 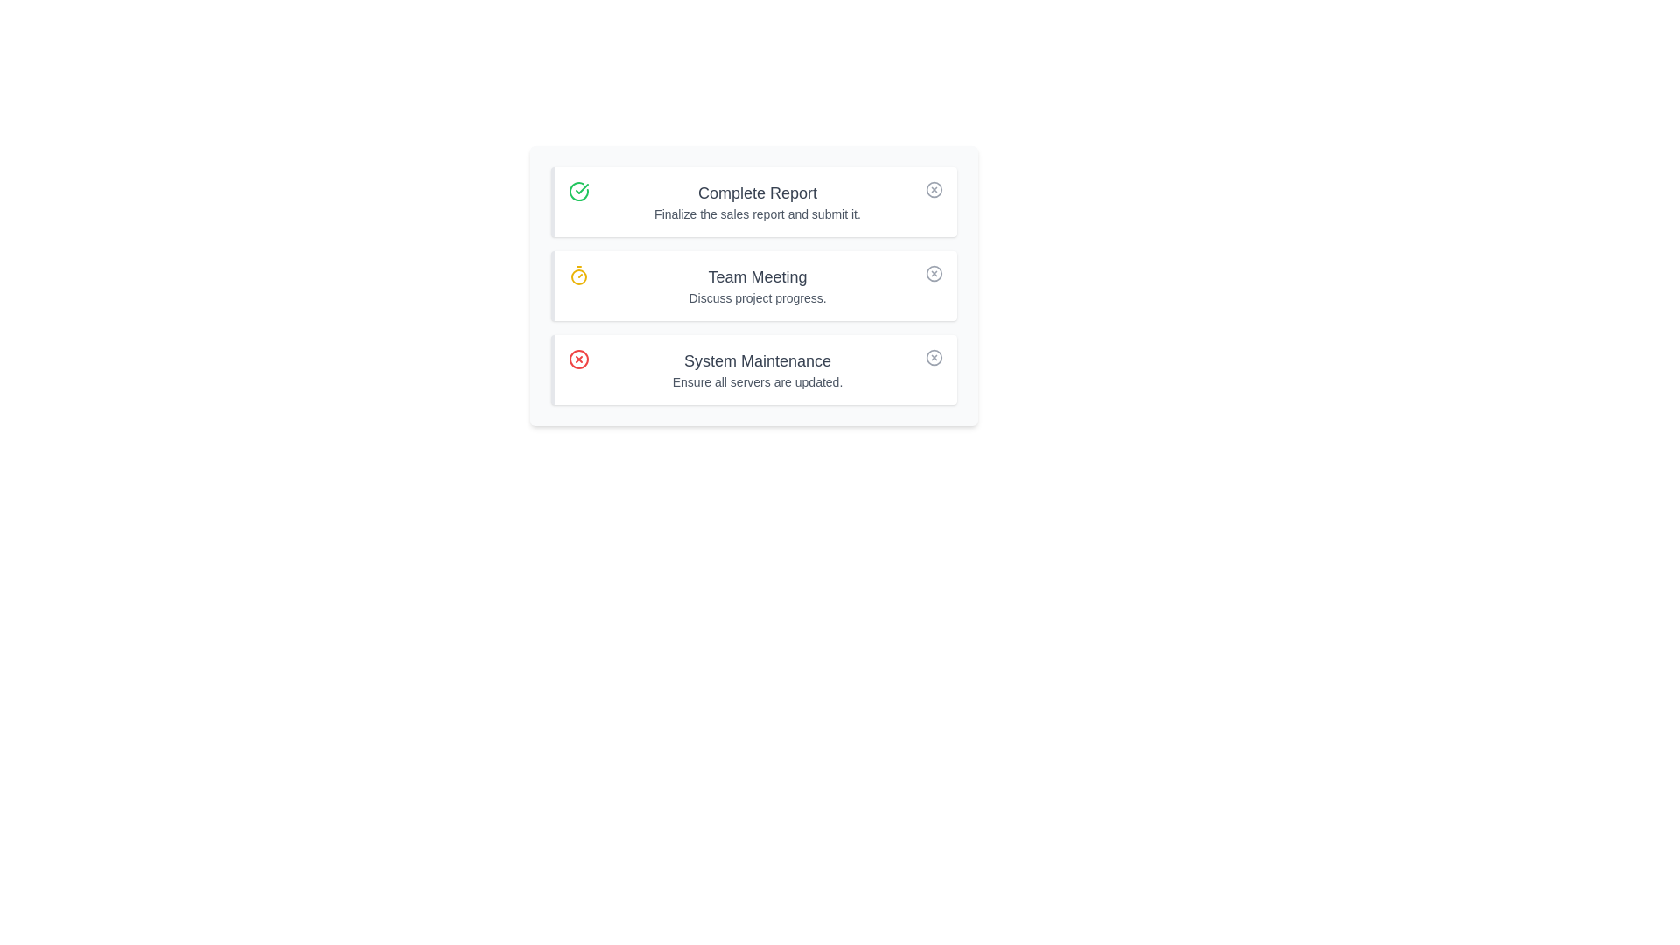 I want to click on the task titled Complete Report to emphasize its details, so click(x=754, y=201).